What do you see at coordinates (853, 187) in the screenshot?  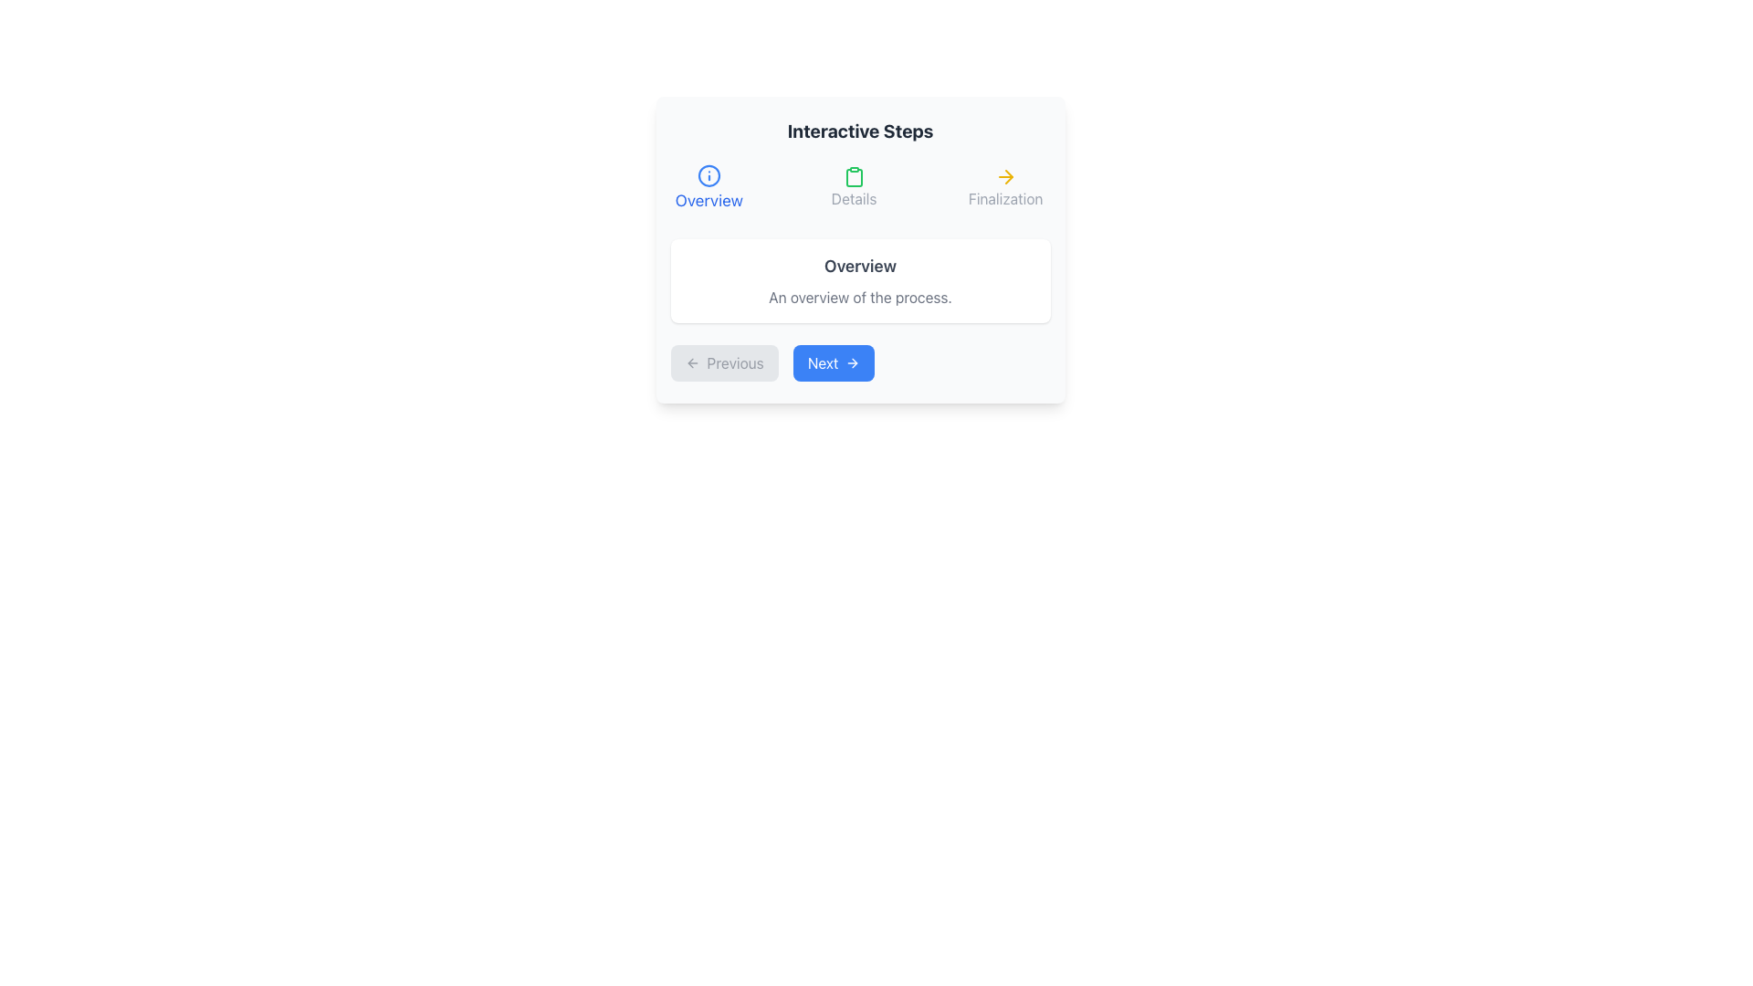 I see `the 'Details' button, which is the second button in a sequence of three steps labeled 'Overview', 'Details', and 'Finalization', featuring a clipboard icon and styled in green and gray colors` at bounding box center [853, 187].